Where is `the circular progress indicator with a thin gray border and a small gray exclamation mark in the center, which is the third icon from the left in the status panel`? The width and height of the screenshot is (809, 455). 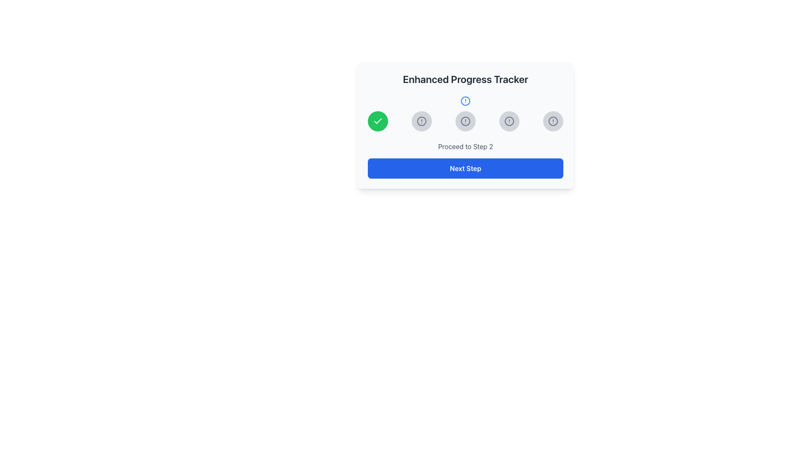 the circular progress indicator with a thin gray border and a small gray exclamation mark in the center, which is the third icon from the left in the status panel is located at coordinates (509, 121).